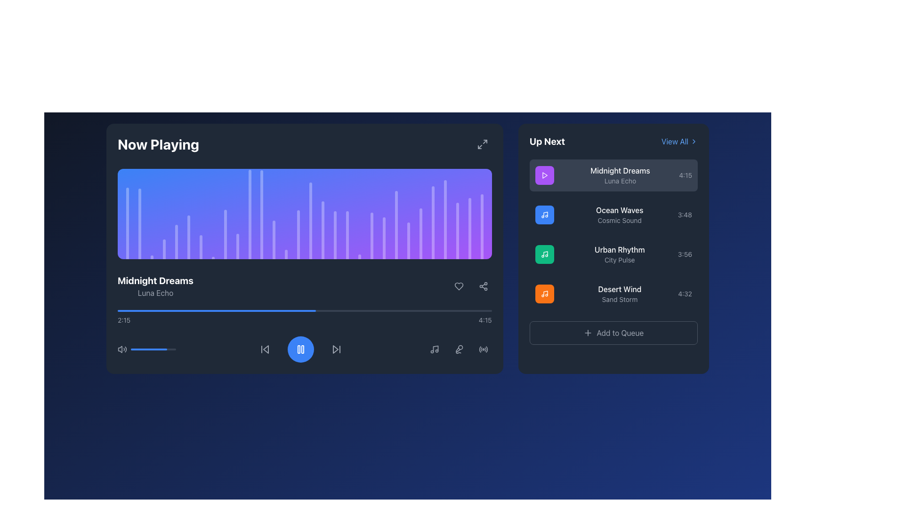 This screenshot has width=904, height=508. I want to click on the first song card in the 'Up Next' sidebar section, which displays the title 'Midnight Dreams' and includes a purple play button icon, so click(613, 175).